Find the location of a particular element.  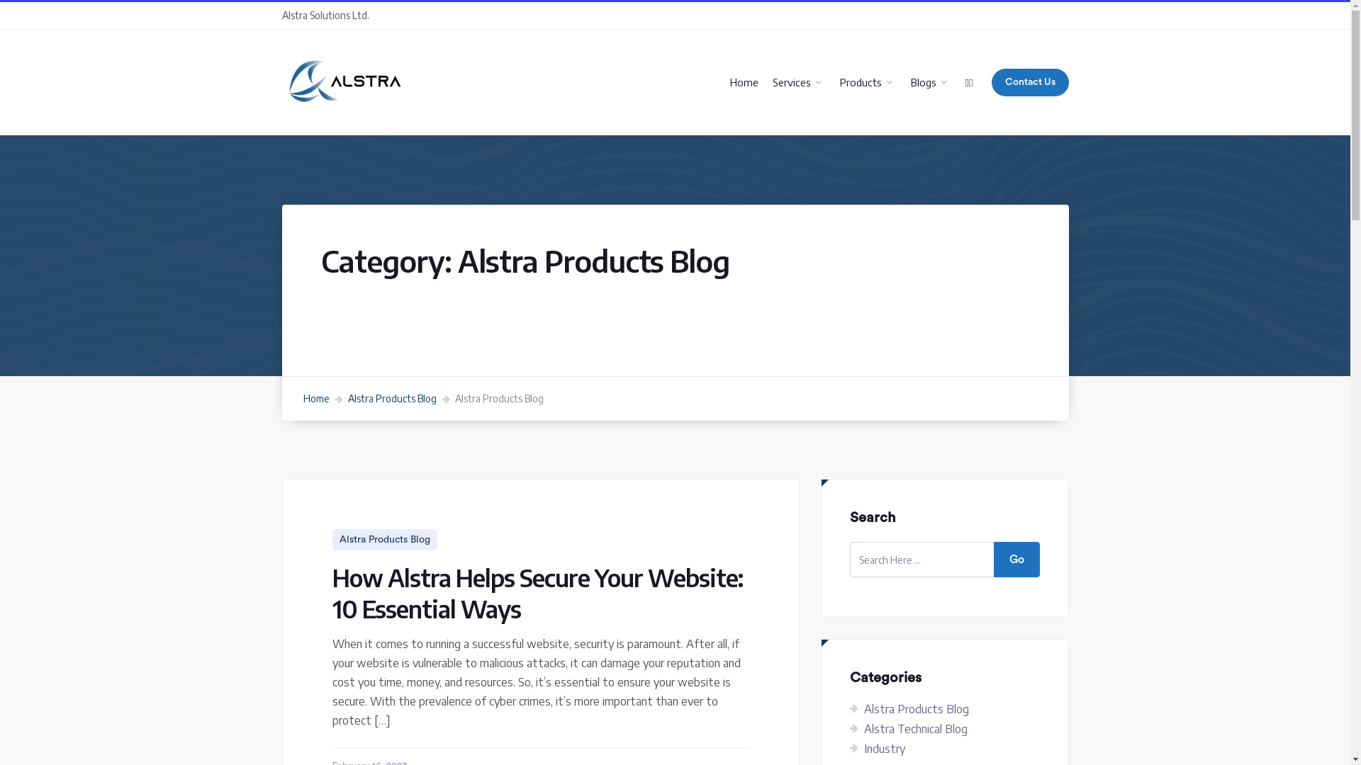

'Go' is located at coordinates (1016, 559).